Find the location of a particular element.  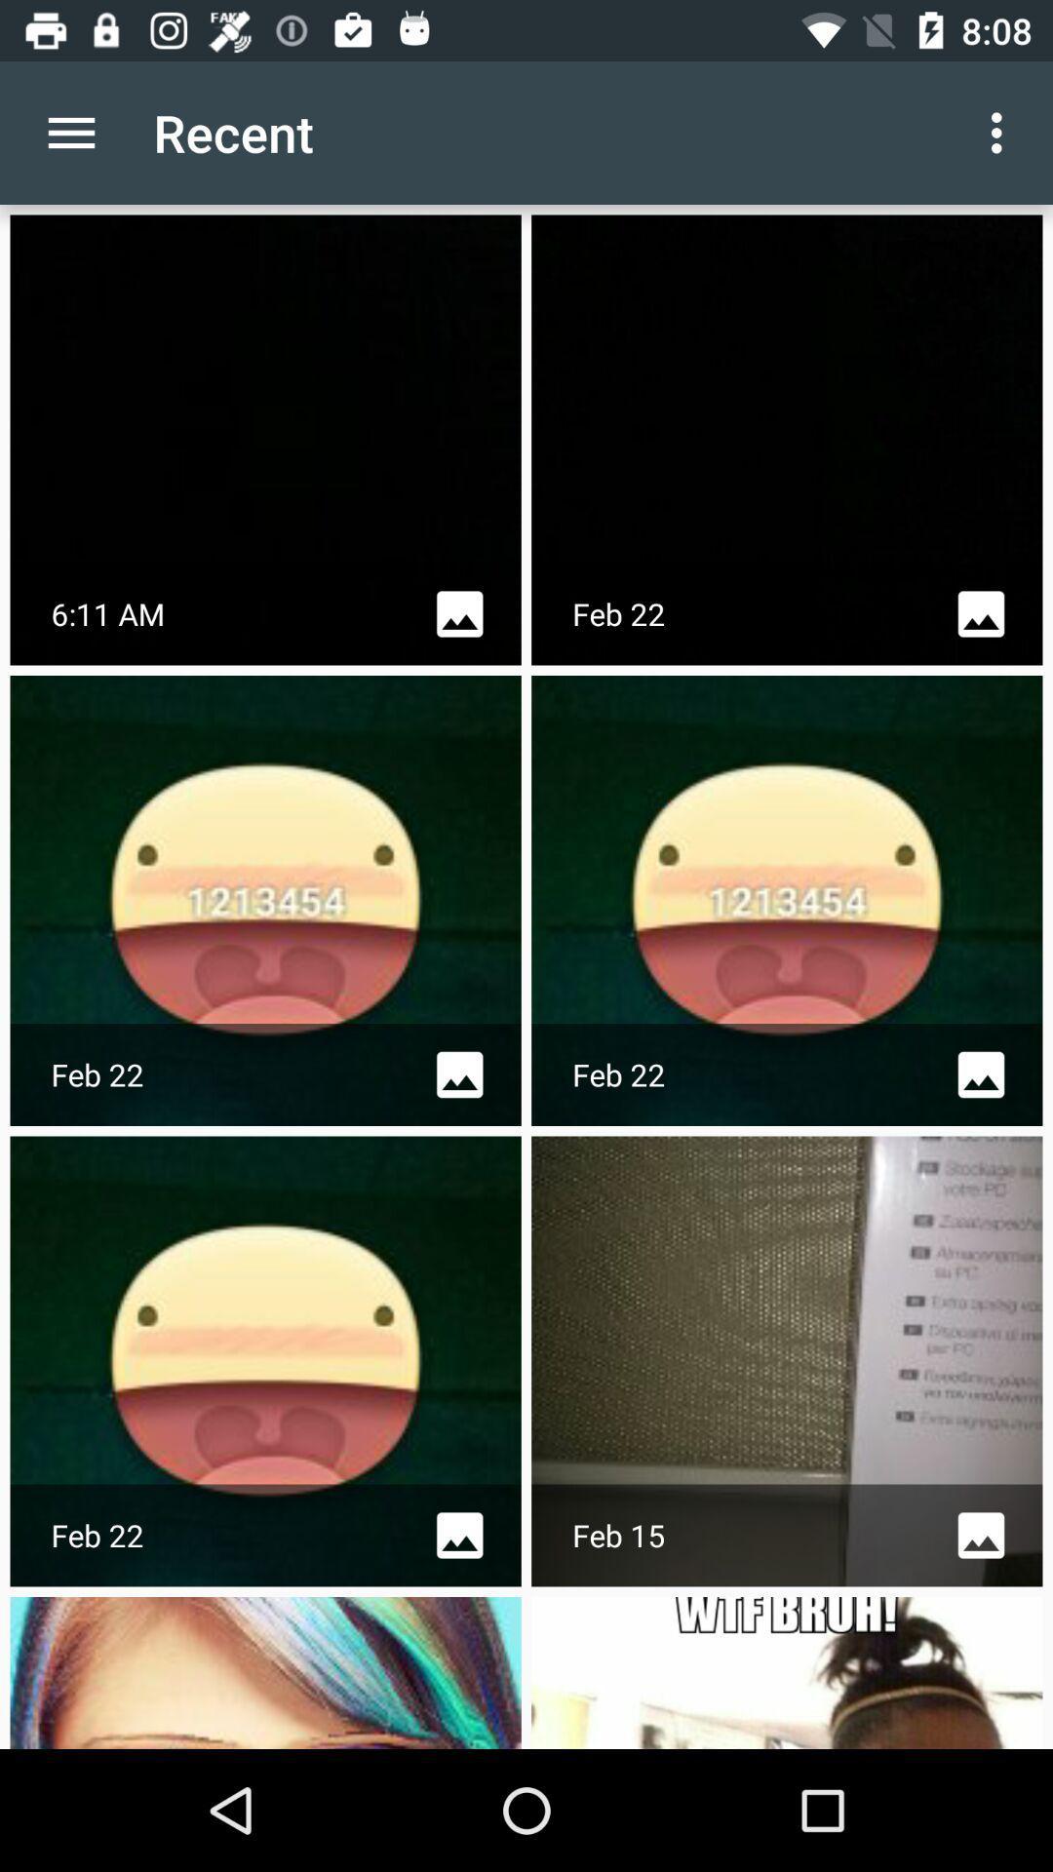

item to the left of recent app is located at coordinates (70, 132).